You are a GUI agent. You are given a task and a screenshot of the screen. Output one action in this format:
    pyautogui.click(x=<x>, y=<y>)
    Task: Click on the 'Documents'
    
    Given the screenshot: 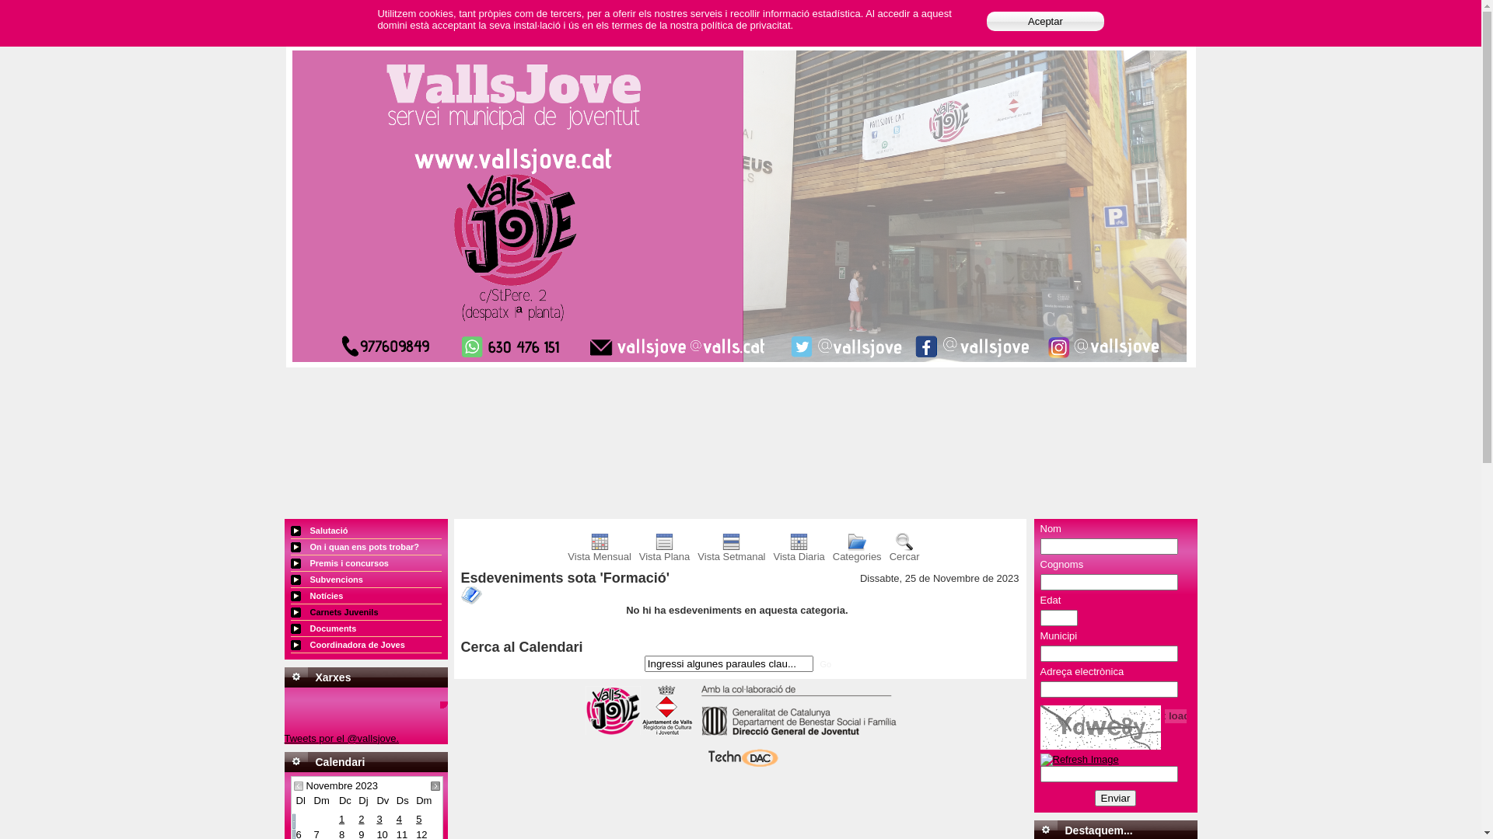 What is the action you would take?
    pyautogui.click(x=365, y=628)
    